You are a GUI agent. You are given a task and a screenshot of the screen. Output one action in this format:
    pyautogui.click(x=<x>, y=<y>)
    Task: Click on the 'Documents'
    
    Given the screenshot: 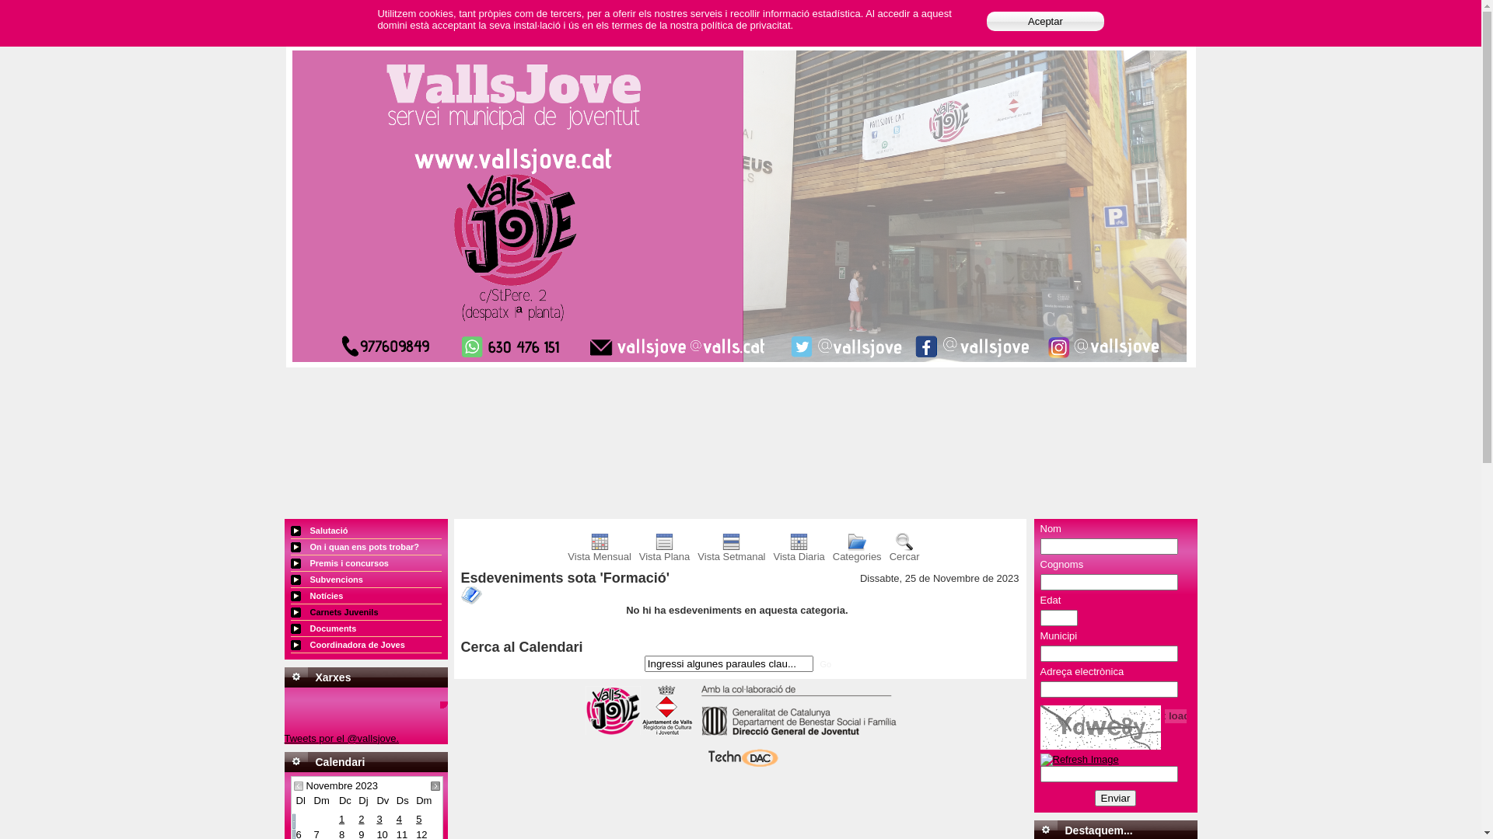 What is the action you would take?
    pyautogui.click(x=365, y=628)
    